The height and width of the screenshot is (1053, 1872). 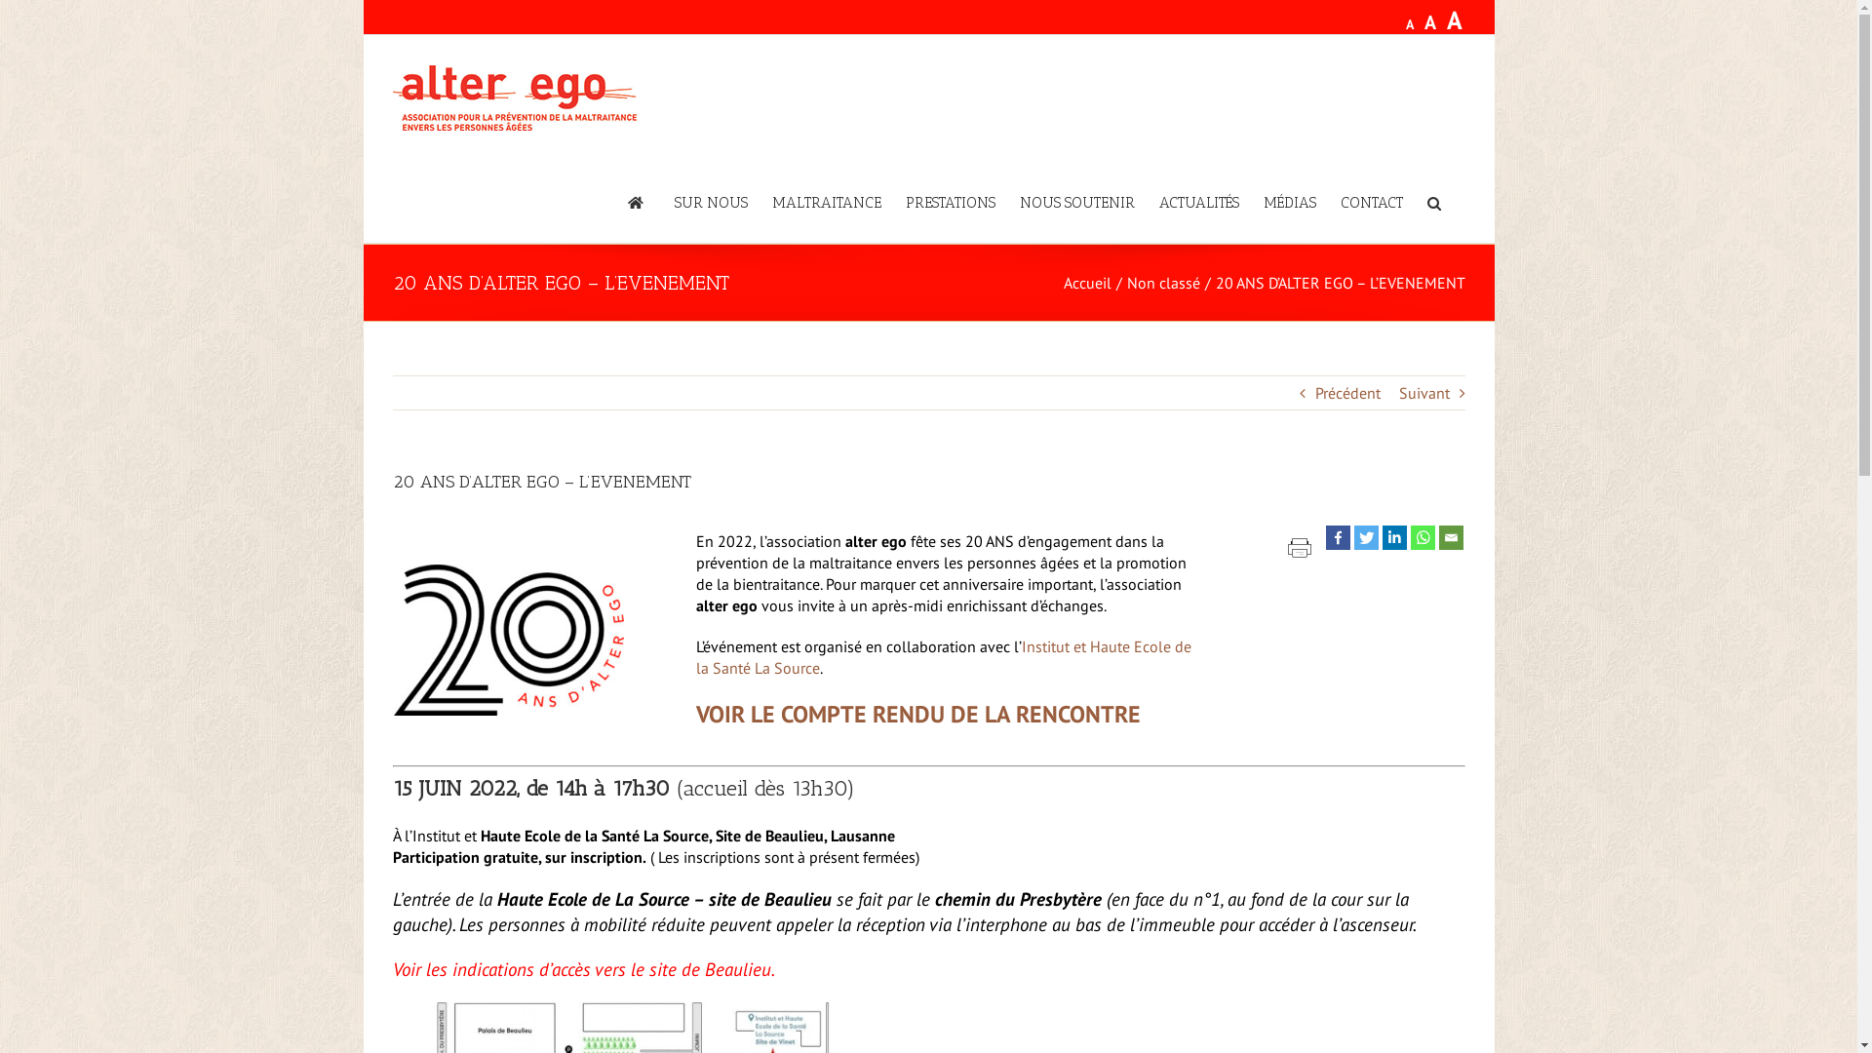 What do you see at coordinates (1454, 19) in the screenshot?
I see `'A` at bounding box center [1454, 19].